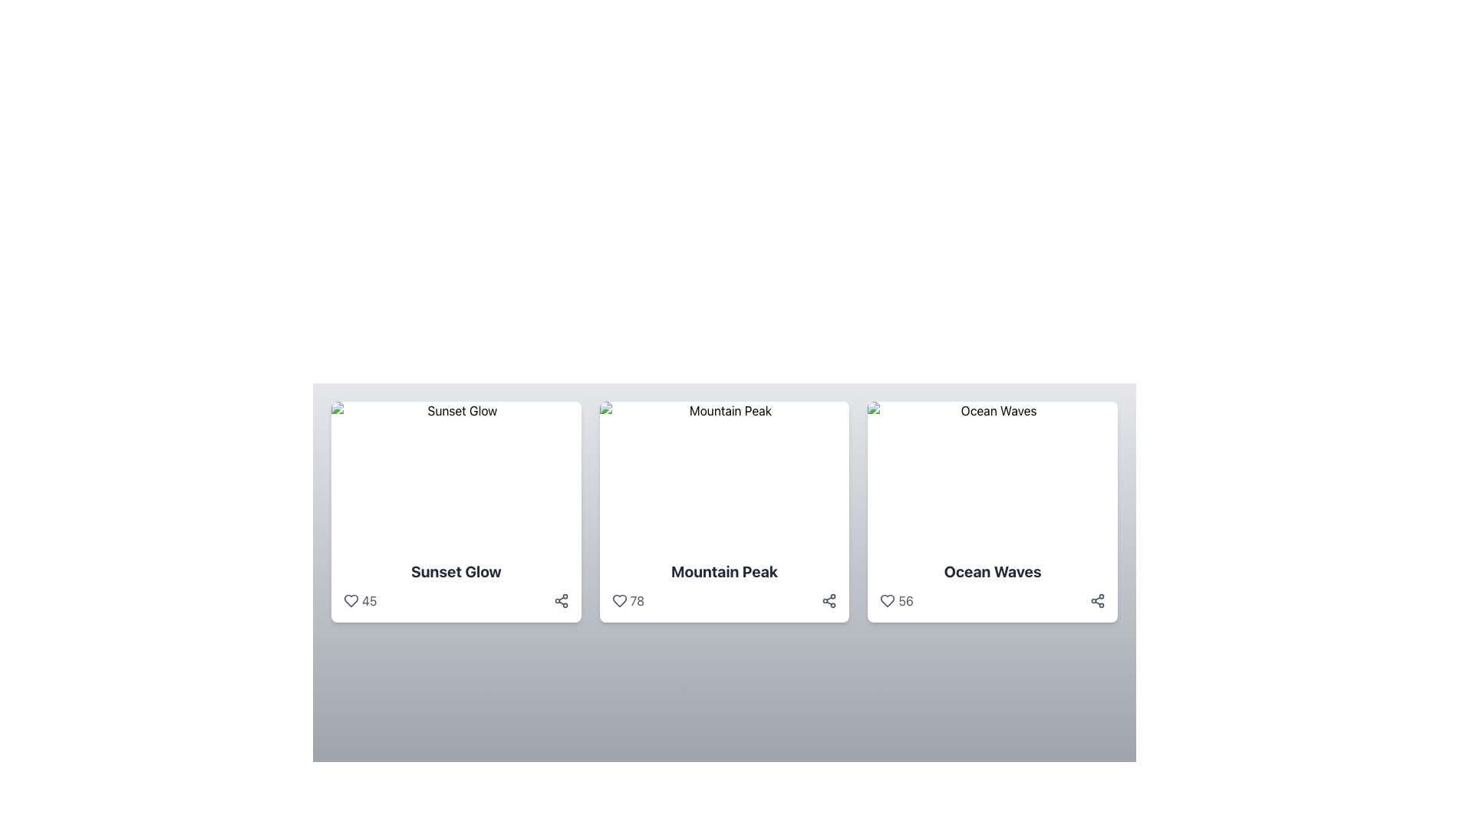 The width and height of the screenshot is (1473, 828). I want to click on the static state of the 'like' icon located at the bottom-left corner of the 'Mountain Peak' card, adjacent to the numerical indicator '78', so click(619, 600).